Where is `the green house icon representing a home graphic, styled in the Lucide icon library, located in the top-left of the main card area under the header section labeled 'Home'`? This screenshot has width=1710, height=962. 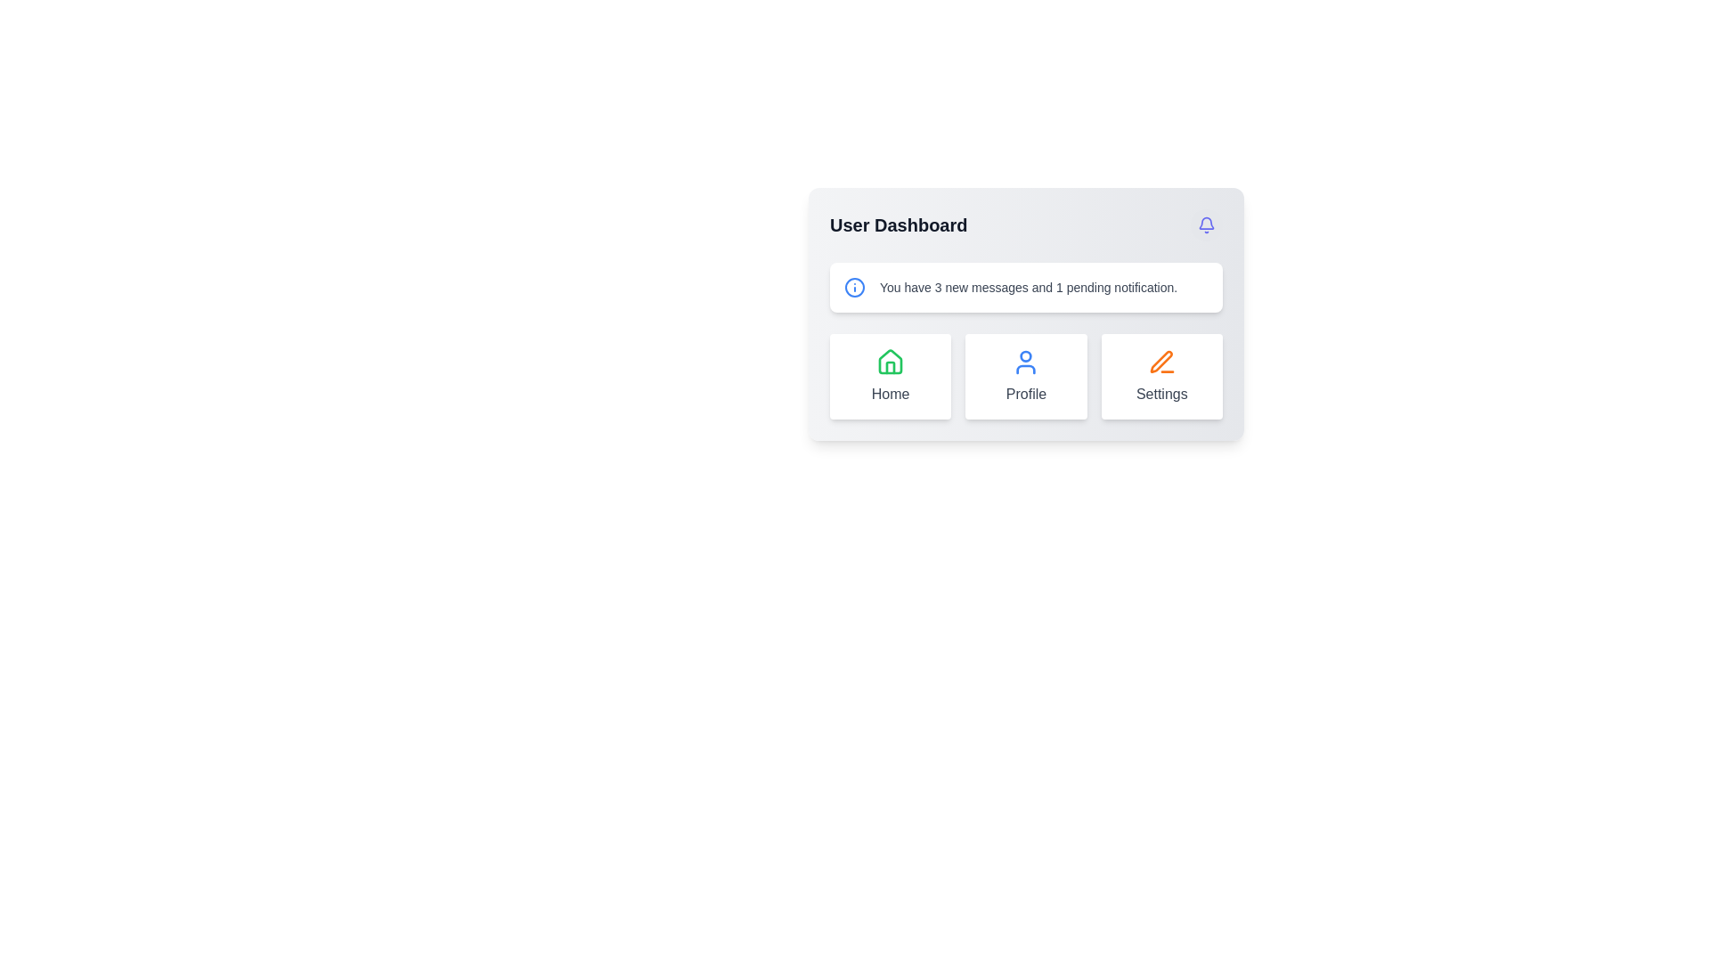 the green house icon representing a home graphic, styled in the Lucide icon library, located in the top-left of the main card area under the header section labeled 'Home' is located at coordinates (891, 362).